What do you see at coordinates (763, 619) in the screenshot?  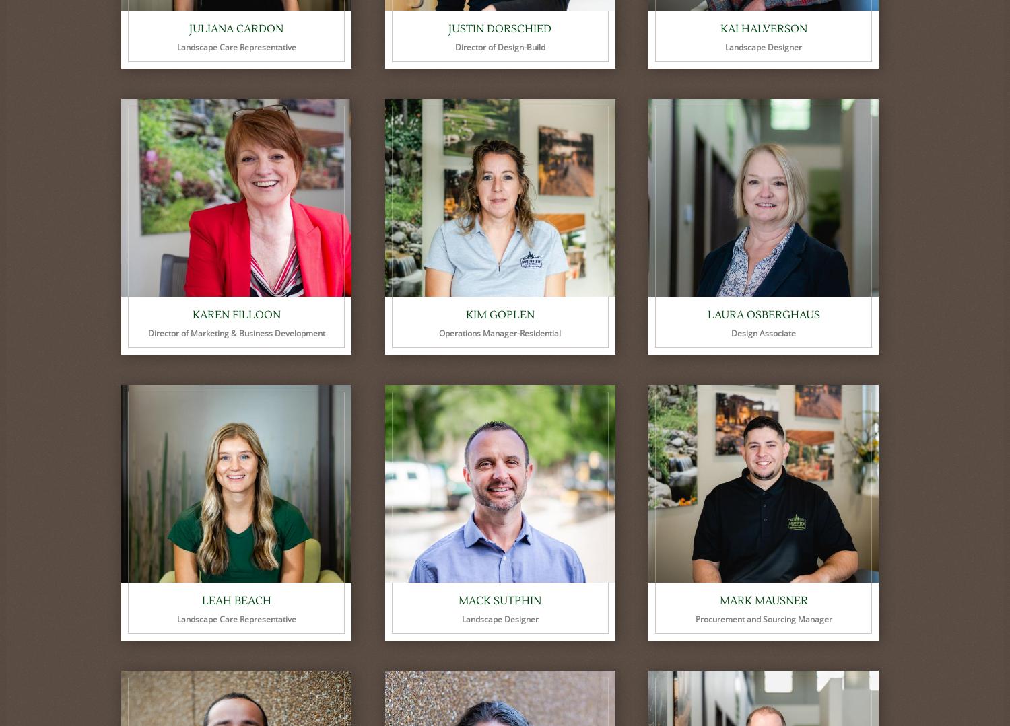 I see `'Procurement and Sourcing Manager'` at bounding box center [763, 619].